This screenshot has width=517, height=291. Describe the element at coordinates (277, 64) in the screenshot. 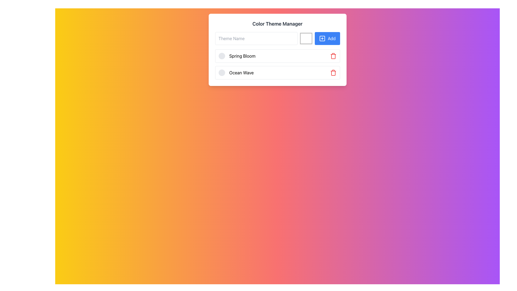

I see `the available themes in the List Component located within the 'Color Theme Manager', which is beneath the input field and the 'Add' button` at that location.